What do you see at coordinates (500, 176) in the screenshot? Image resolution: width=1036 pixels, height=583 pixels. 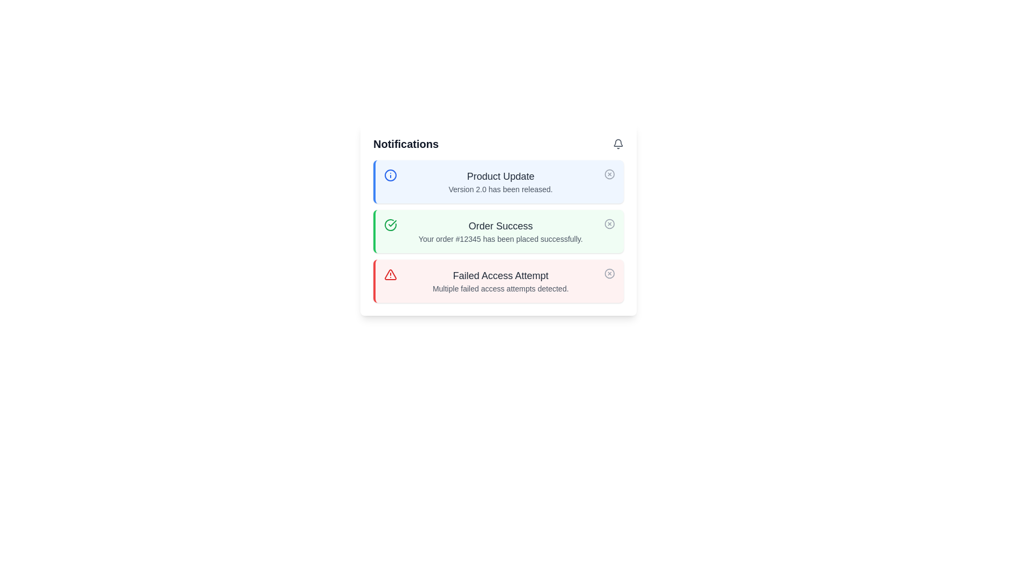 I see `title text of the first notification card located at the header, which describes the notification's content, specifically 'Version 2.0 has been released.'` at bounding box center [500, 176].